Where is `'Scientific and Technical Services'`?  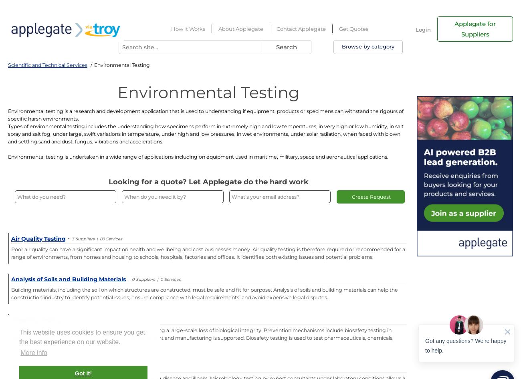
'Scientific and Technical Services' is located at coordinates (47, 65).